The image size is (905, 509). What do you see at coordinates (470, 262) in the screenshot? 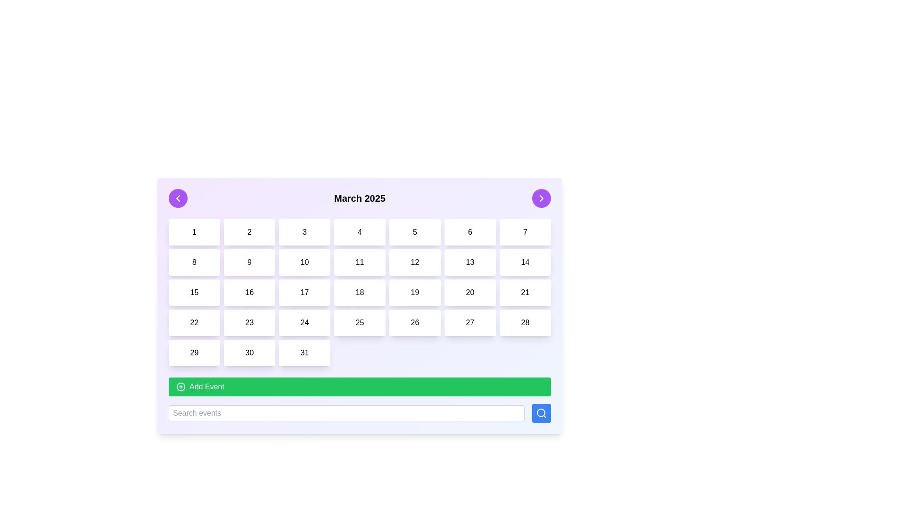
I see `the button representing the date 13 in the calendar interface located in the second row and sixth column of the grid` at bounding box center [470, 262].